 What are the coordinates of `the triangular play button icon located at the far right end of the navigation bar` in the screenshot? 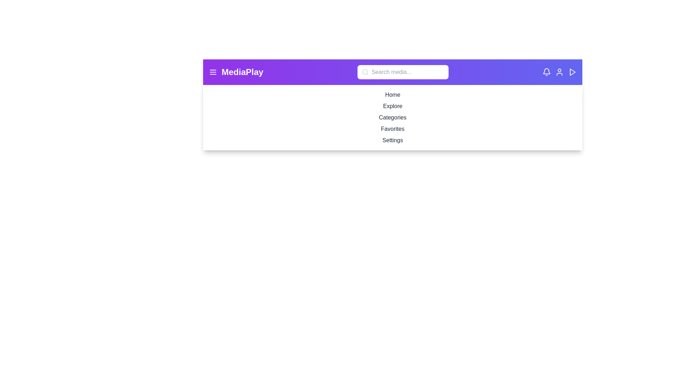 It's located at (572, 72).